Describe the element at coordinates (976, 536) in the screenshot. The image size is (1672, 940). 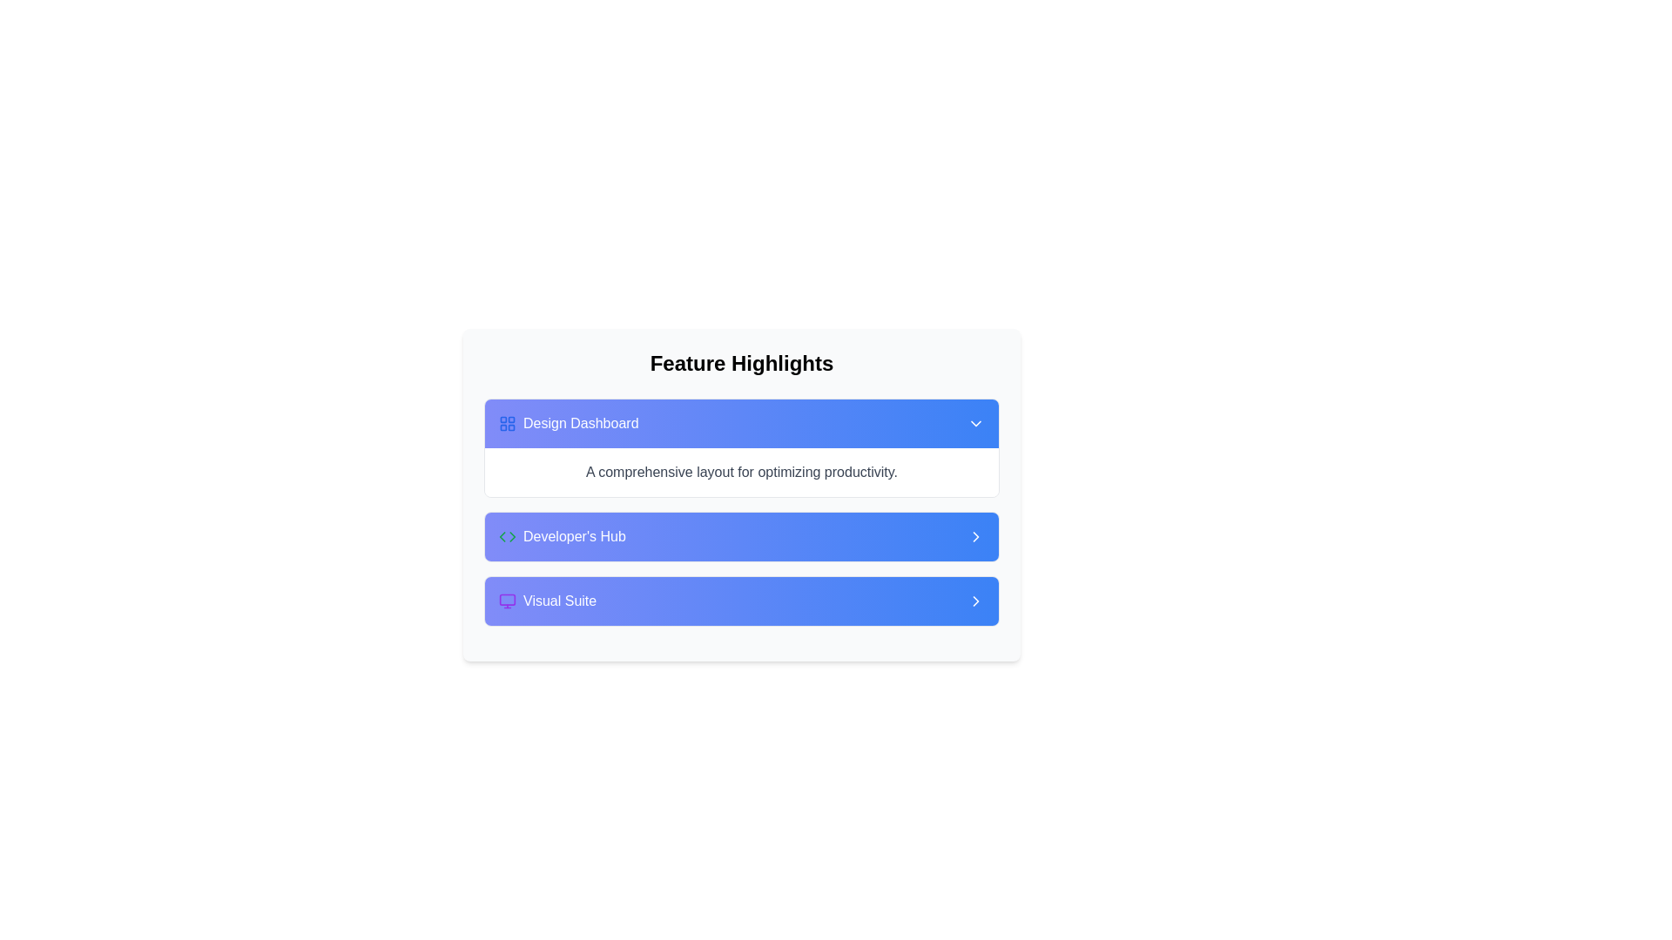
I see `the right-facing chevron icon indicating navigation or expansion located on the right side of the 'Developer's Hub' section under 'Feature Highlights'` at that location.